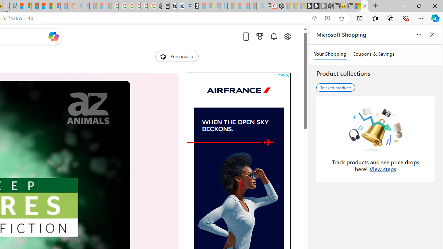  I want to click on 'Utah sues federal government - Search - Sleeping', so click(85, 6).